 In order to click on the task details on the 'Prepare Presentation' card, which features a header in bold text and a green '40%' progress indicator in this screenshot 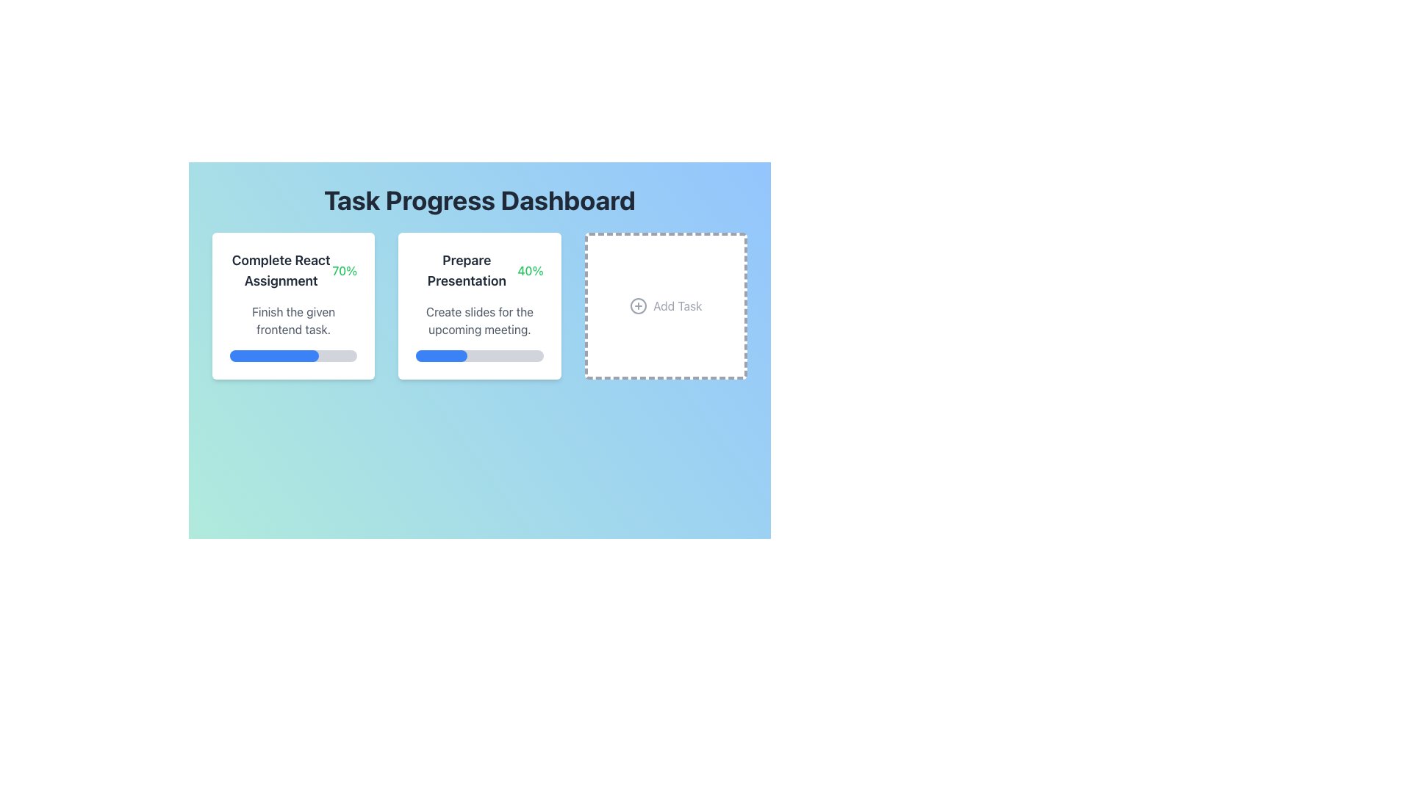, I will do `click(479, 305)`.